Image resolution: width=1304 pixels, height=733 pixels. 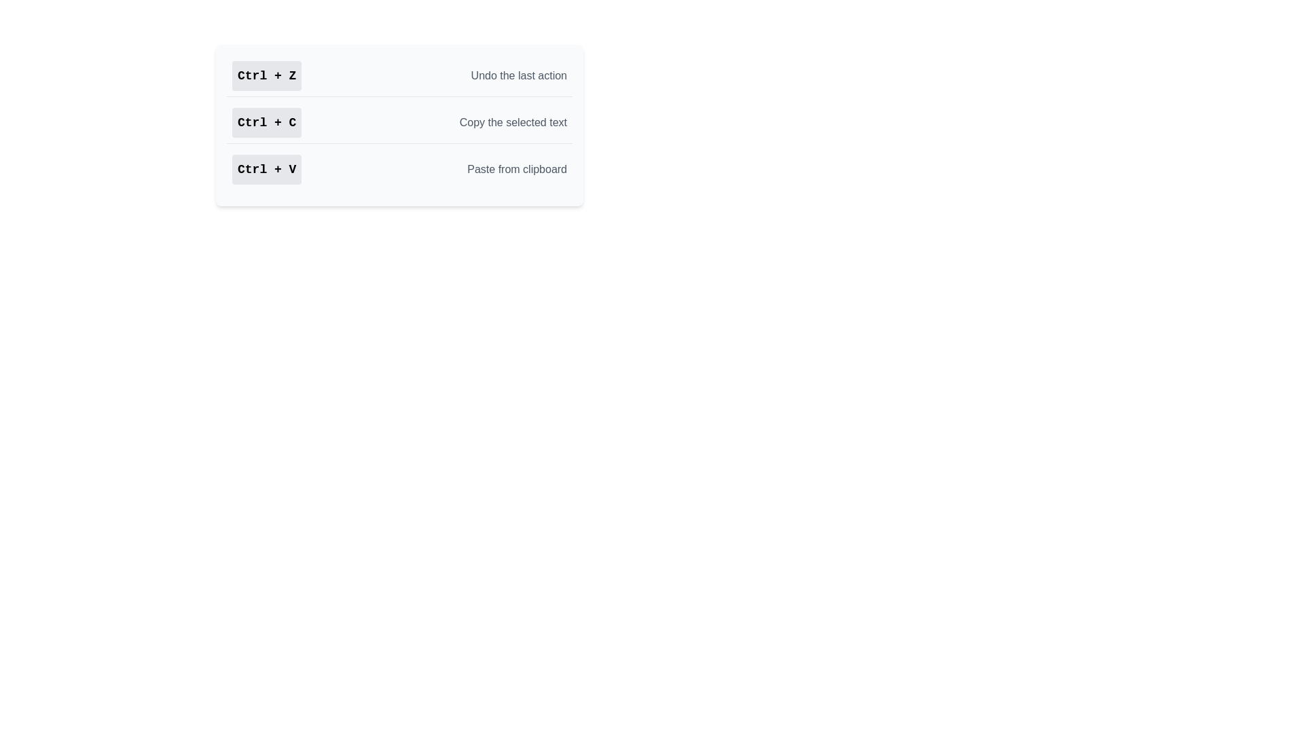 What do you see at coordinates (512, 123) in the screenshot?
I see `the informational text label that describes the action associated with a keyboard shortcut, positioned to the right of the 'Ctrl + C' label` at bounding box center [512, 123].